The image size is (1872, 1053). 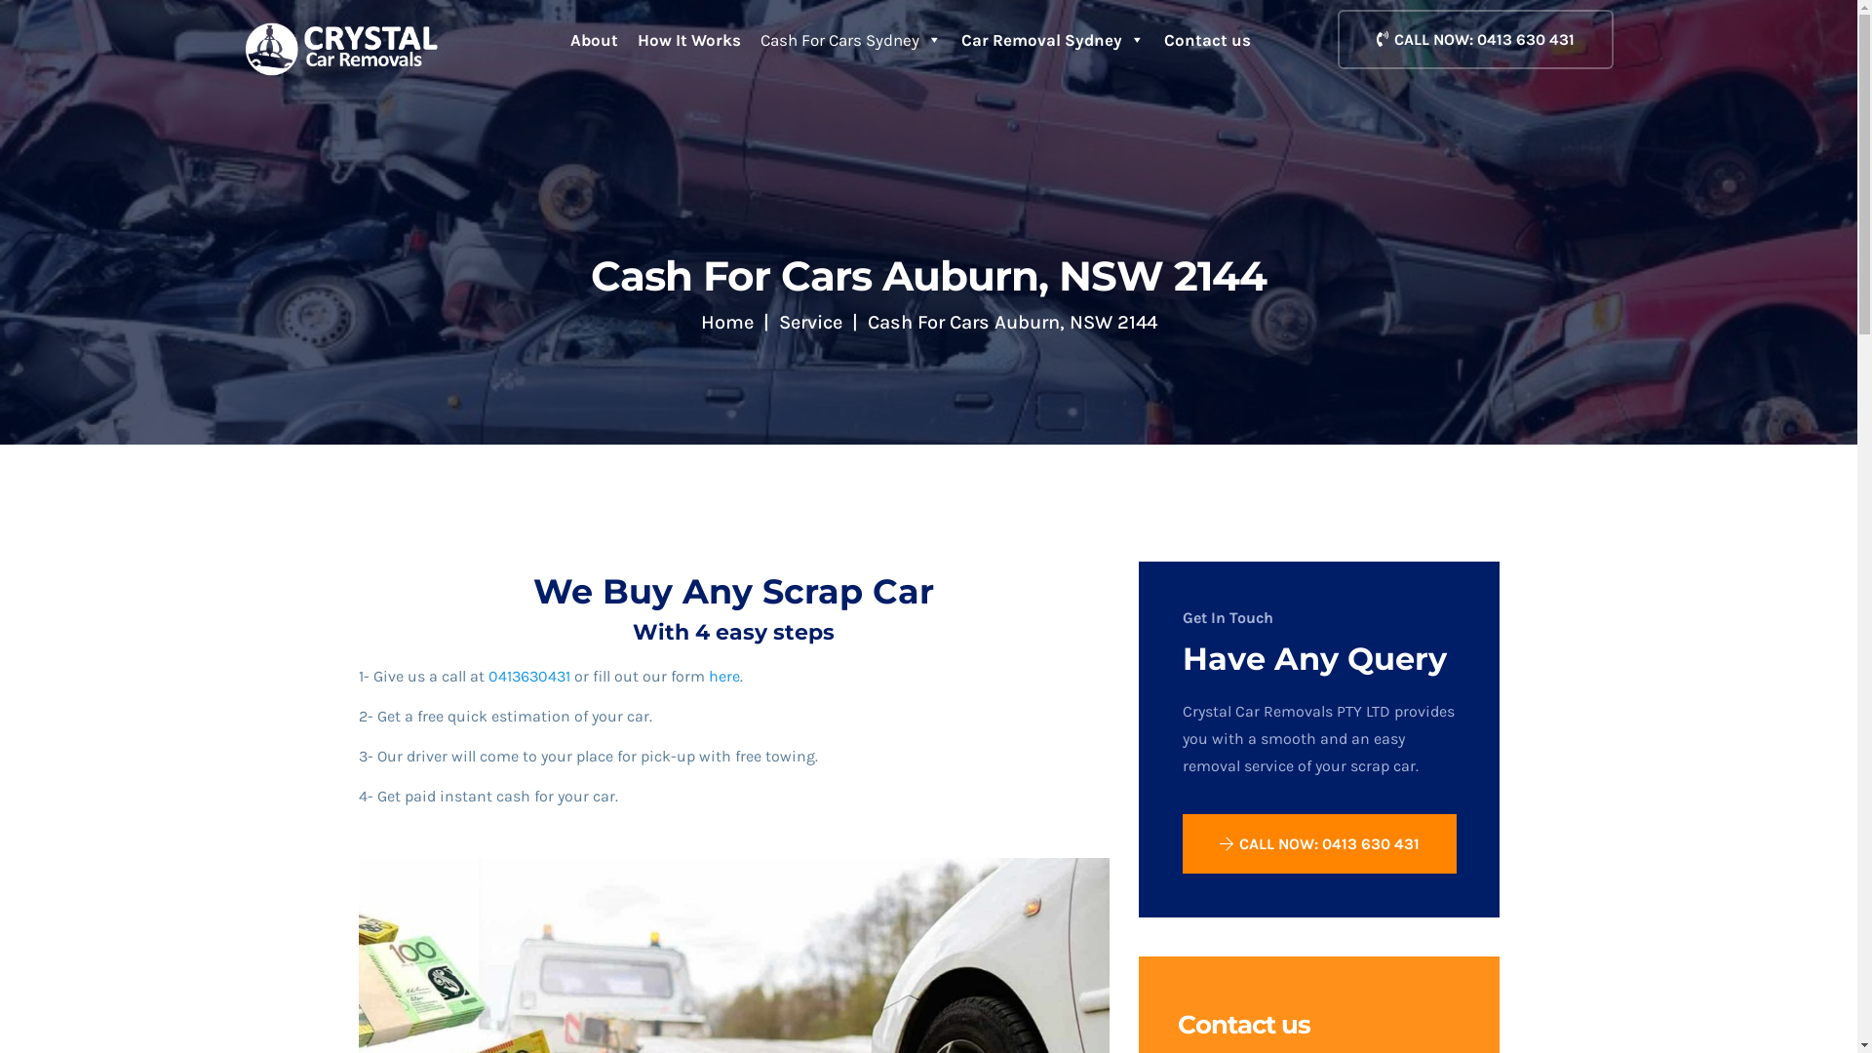 I want to click on '0413630431', so click(x=528, y=675).